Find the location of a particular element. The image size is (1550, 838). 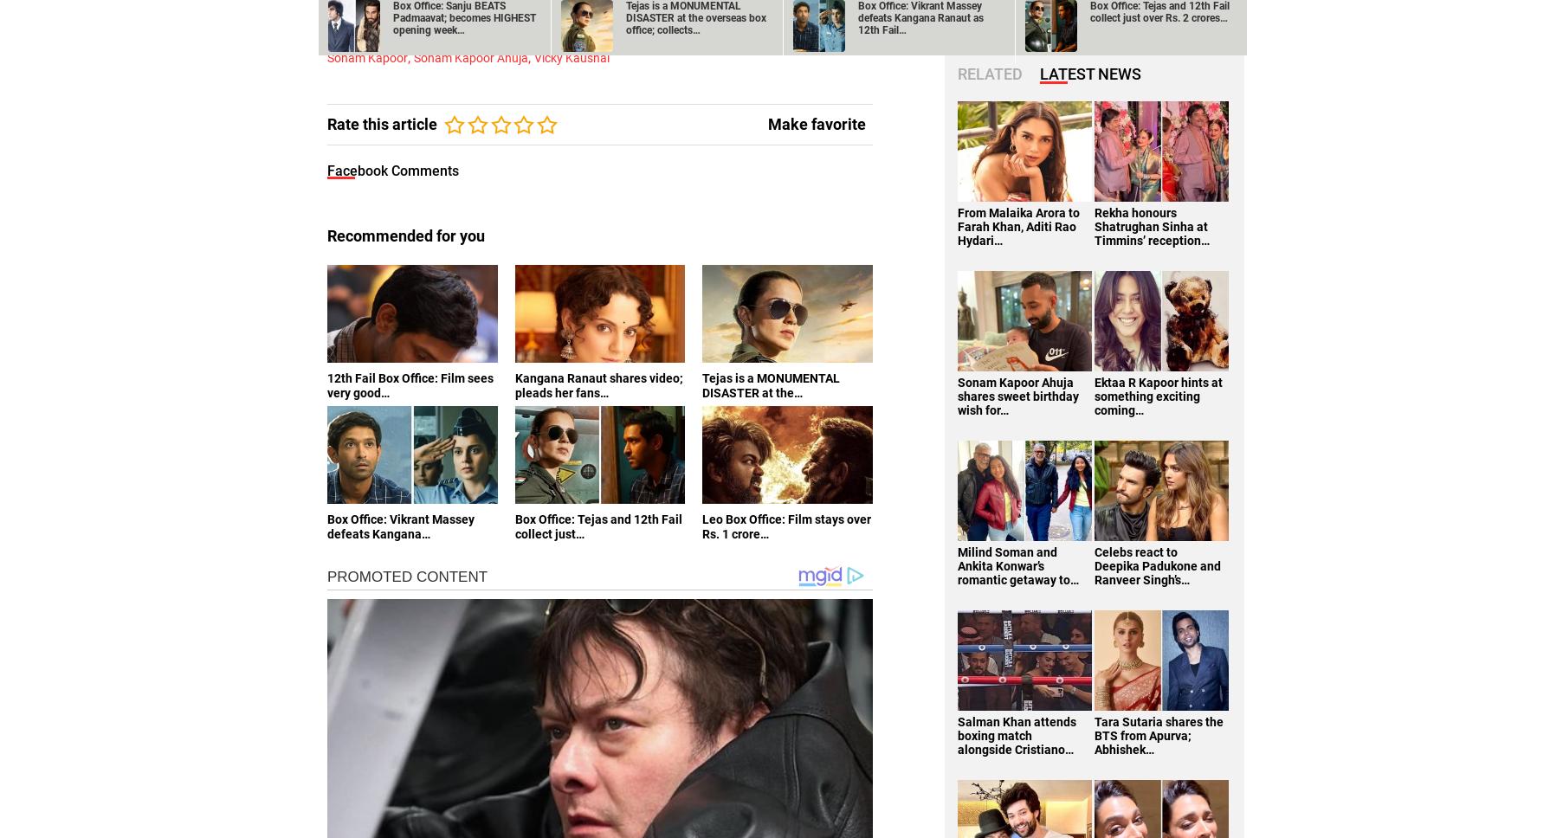

'Ektaa R Kapoor hints at something exciting coming…' is located at coordinates (1157, 394).